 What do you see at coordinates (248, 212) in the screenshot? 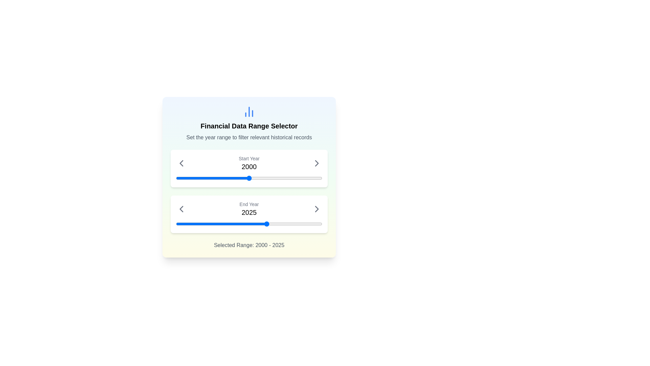
I see `the text displaying the year '2025', which is prominently styled in a large, bold, black font and is located centrally within the 'End Year' frame, directly below the 'Start Year' frame` at bounding box center [248, 212].